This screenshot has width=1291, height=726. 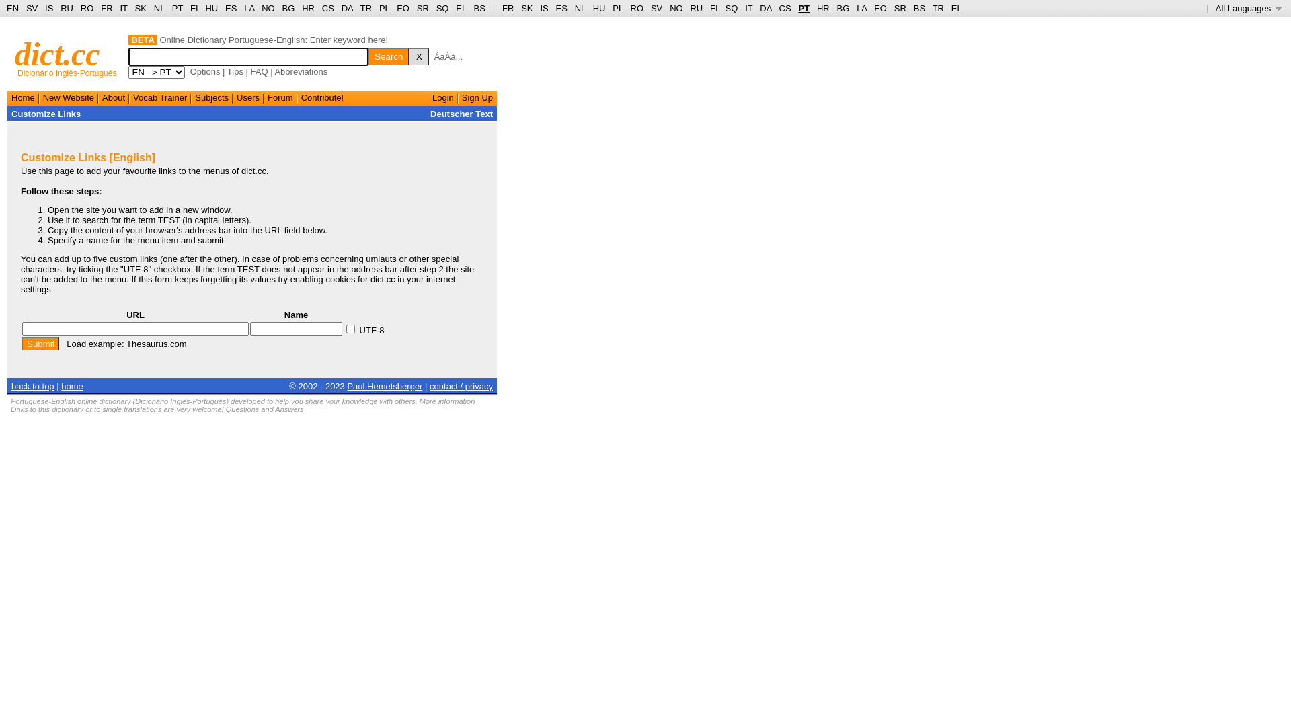 What do you see at coordinates (126, 343) in the screenshot?
I see `'Load example: Thesaurus.com'` at bounding box center [126, 343].